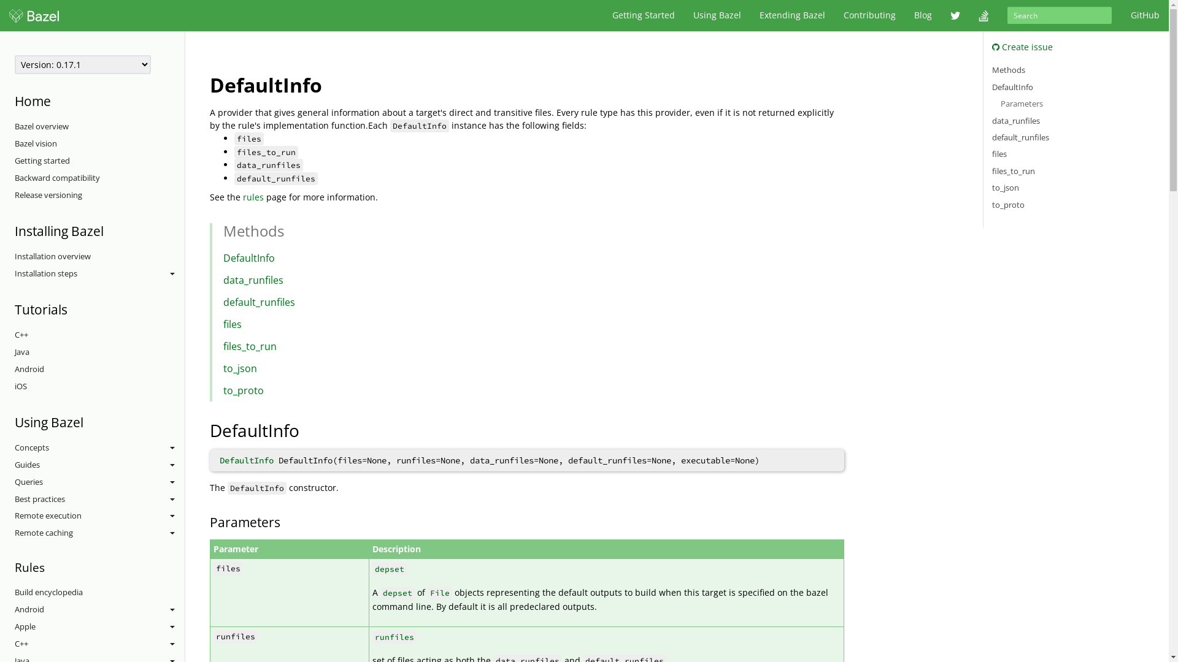 The image size is (1178, 662). Describe the element at coordinates (99, 448) in the screenshot. I see `'Concepts'` at that location.